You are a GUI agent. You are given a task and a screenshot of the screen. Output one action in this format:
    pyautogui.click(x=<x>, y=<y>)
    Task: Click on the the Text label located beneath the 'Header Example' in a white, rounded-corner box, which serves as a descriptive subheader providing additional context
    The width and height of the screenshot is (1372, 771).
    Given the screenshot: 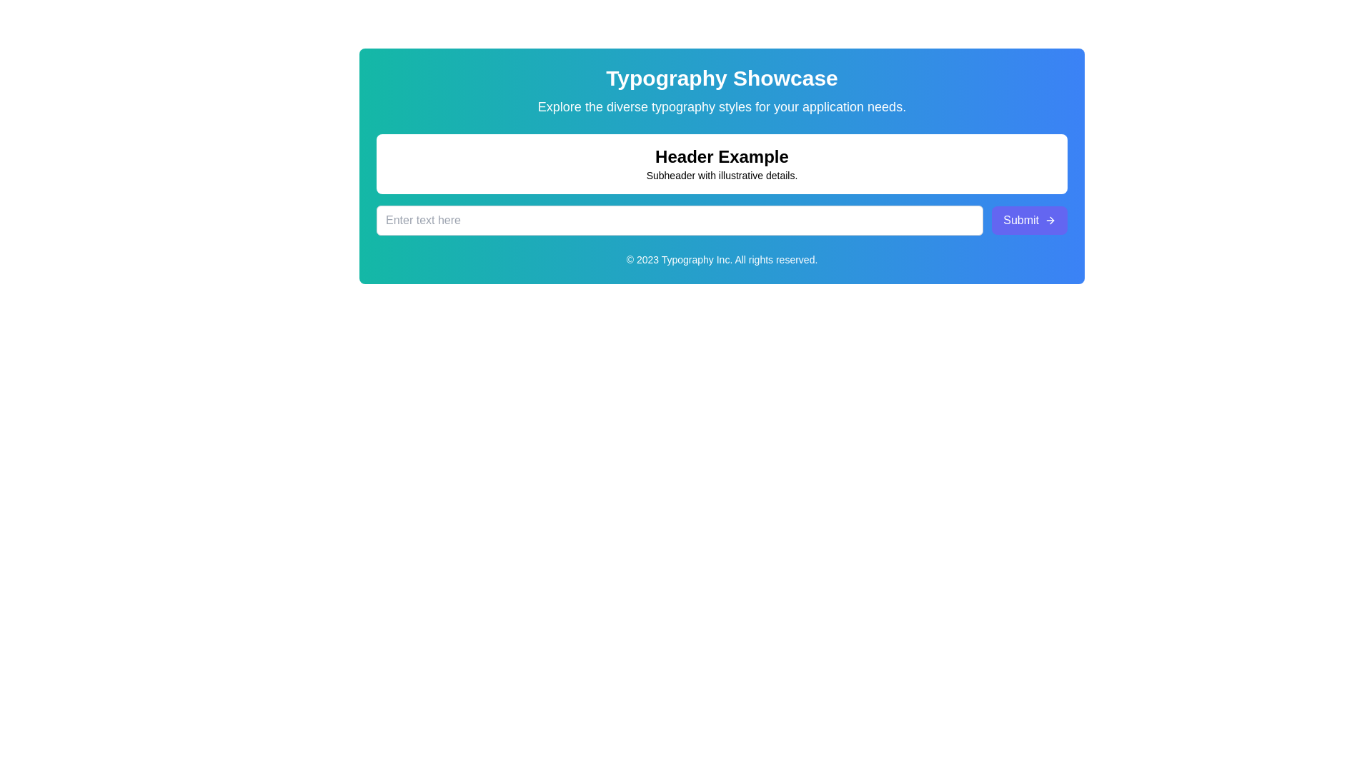 What is the action you would take?
    pyautogui.click(x=722, y=175)
    